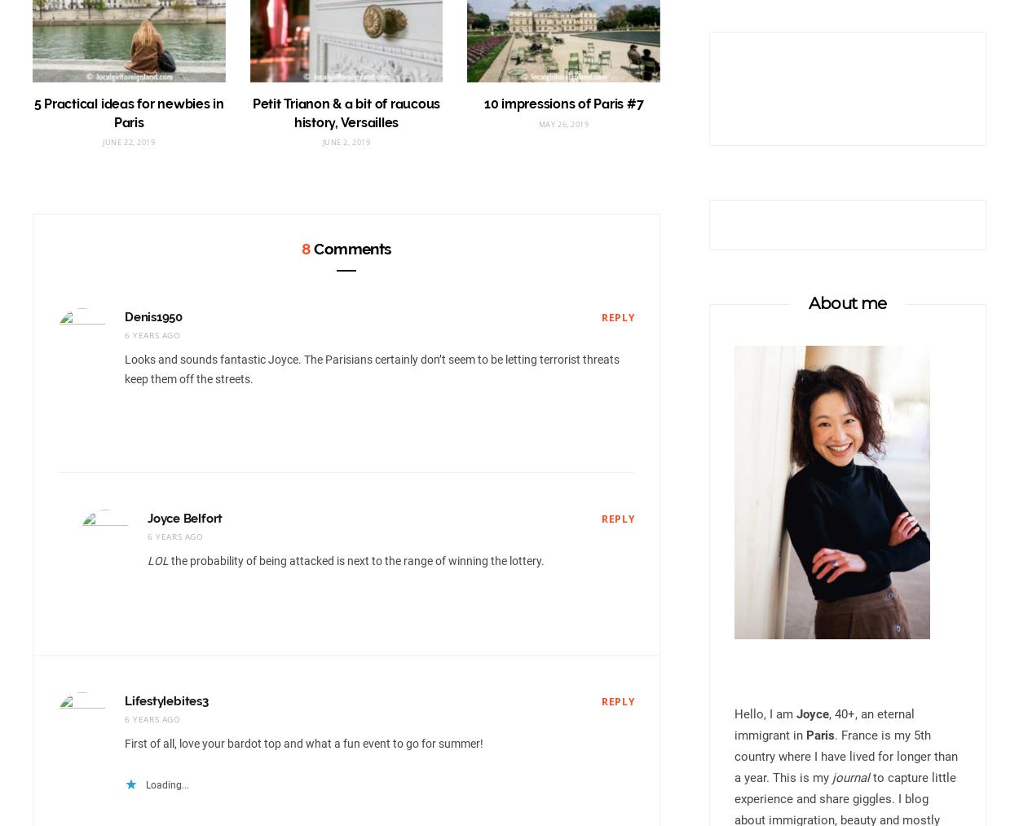  Describe the element at coordinates (483, 104) in the screenshot. I see `'10 impressions of Paris #7'` at that location.